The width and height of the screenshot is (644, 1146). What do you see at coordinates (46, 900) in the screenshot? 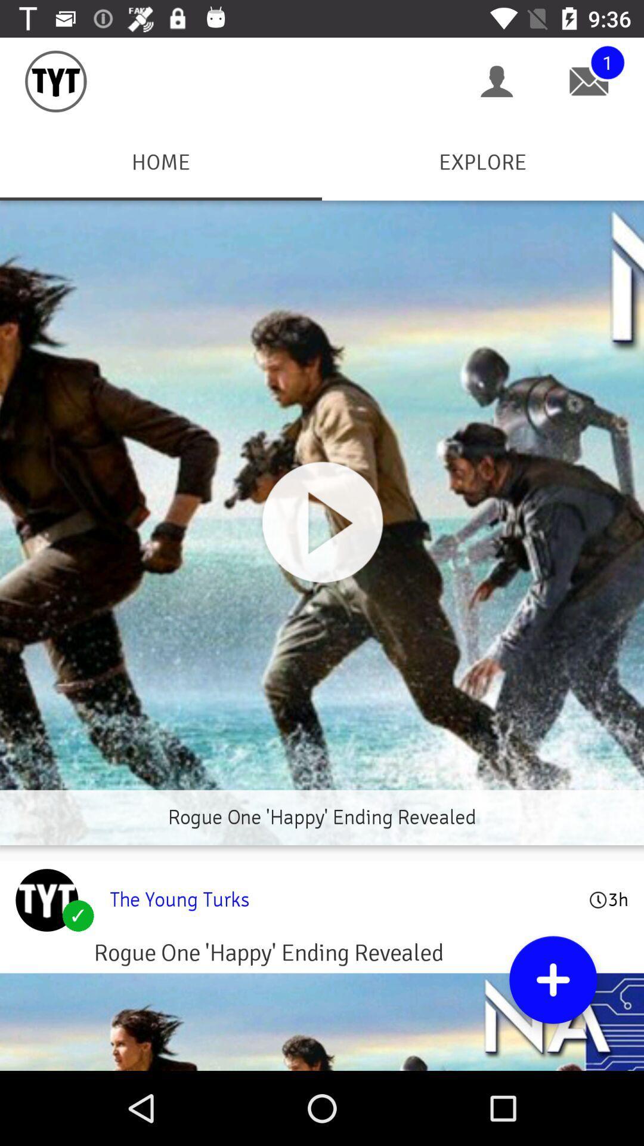
I see `young turks profile` at bounding box center [46, 900].